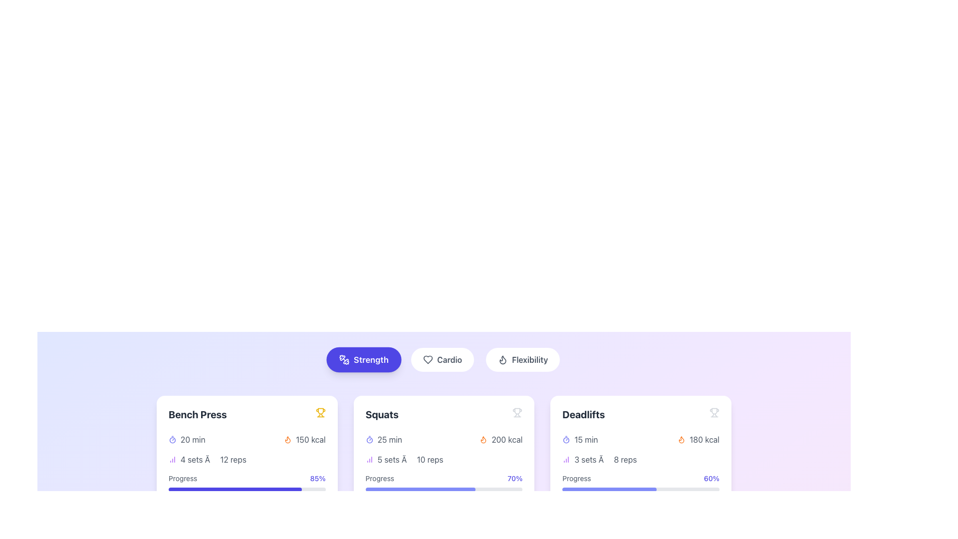  I want to click on the 'cardio' button, which is the middle button among three horizontally aligned buttons, so click(442, 360).